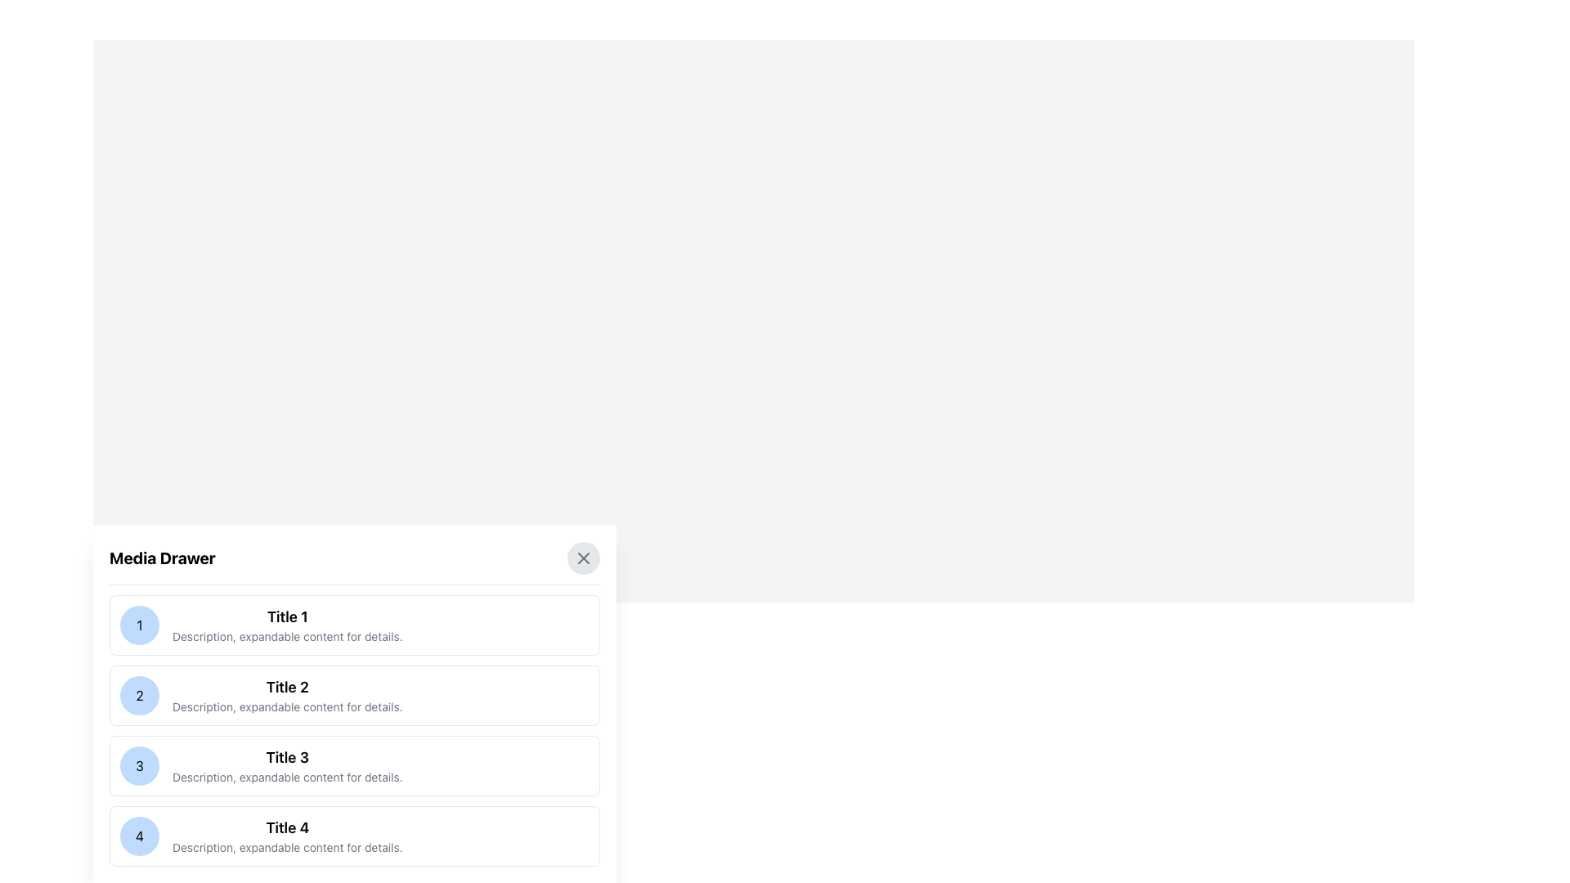  Describe the element at coordinates (287, 687) in the screenshot. I see `the Text Label that serves as a heading for the second entry in the vertically aligned list within the 'Media Drawer'` at that location.